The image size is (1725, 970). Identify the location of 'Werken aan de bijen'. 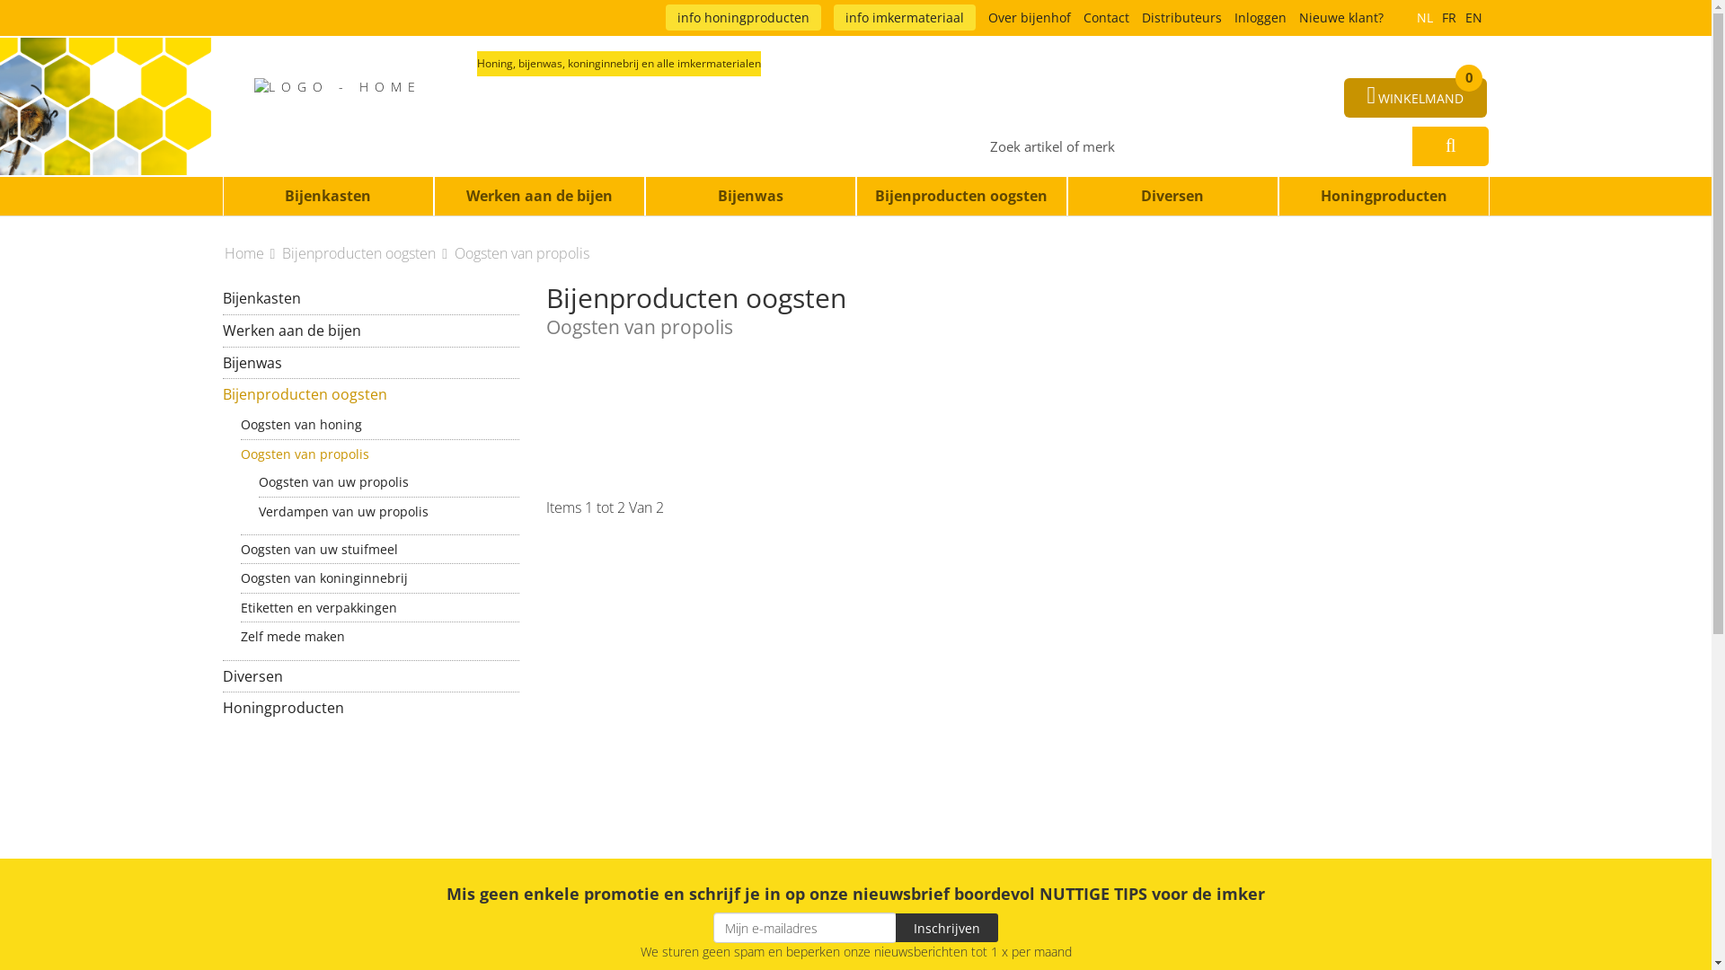
(369, 331).